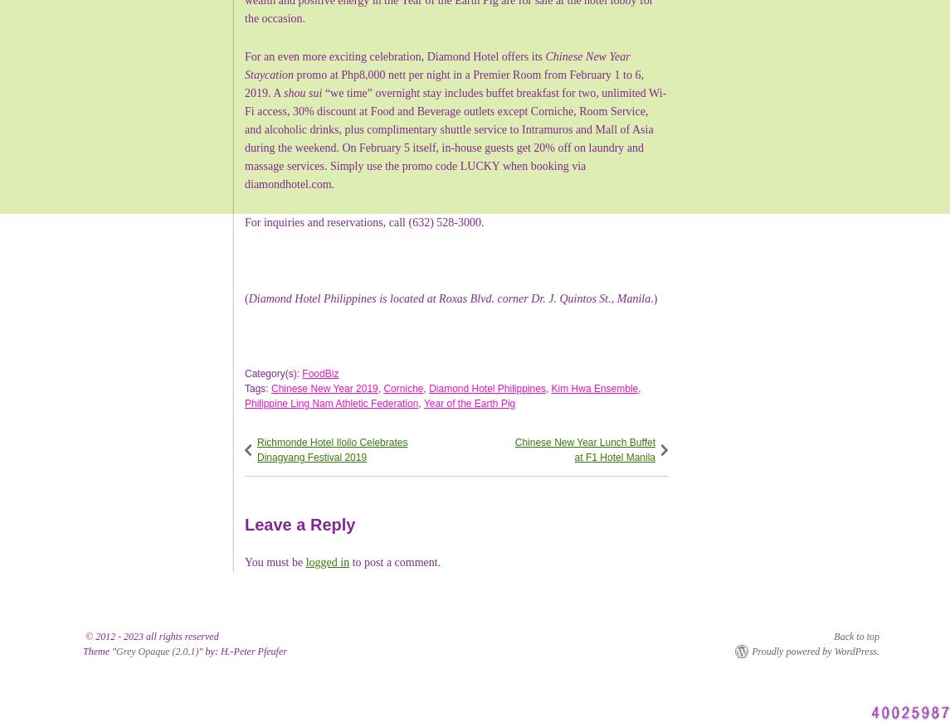  Describe the element at coordinates (302, 91) in the screenshot. I see `'shou sui'` at that location.